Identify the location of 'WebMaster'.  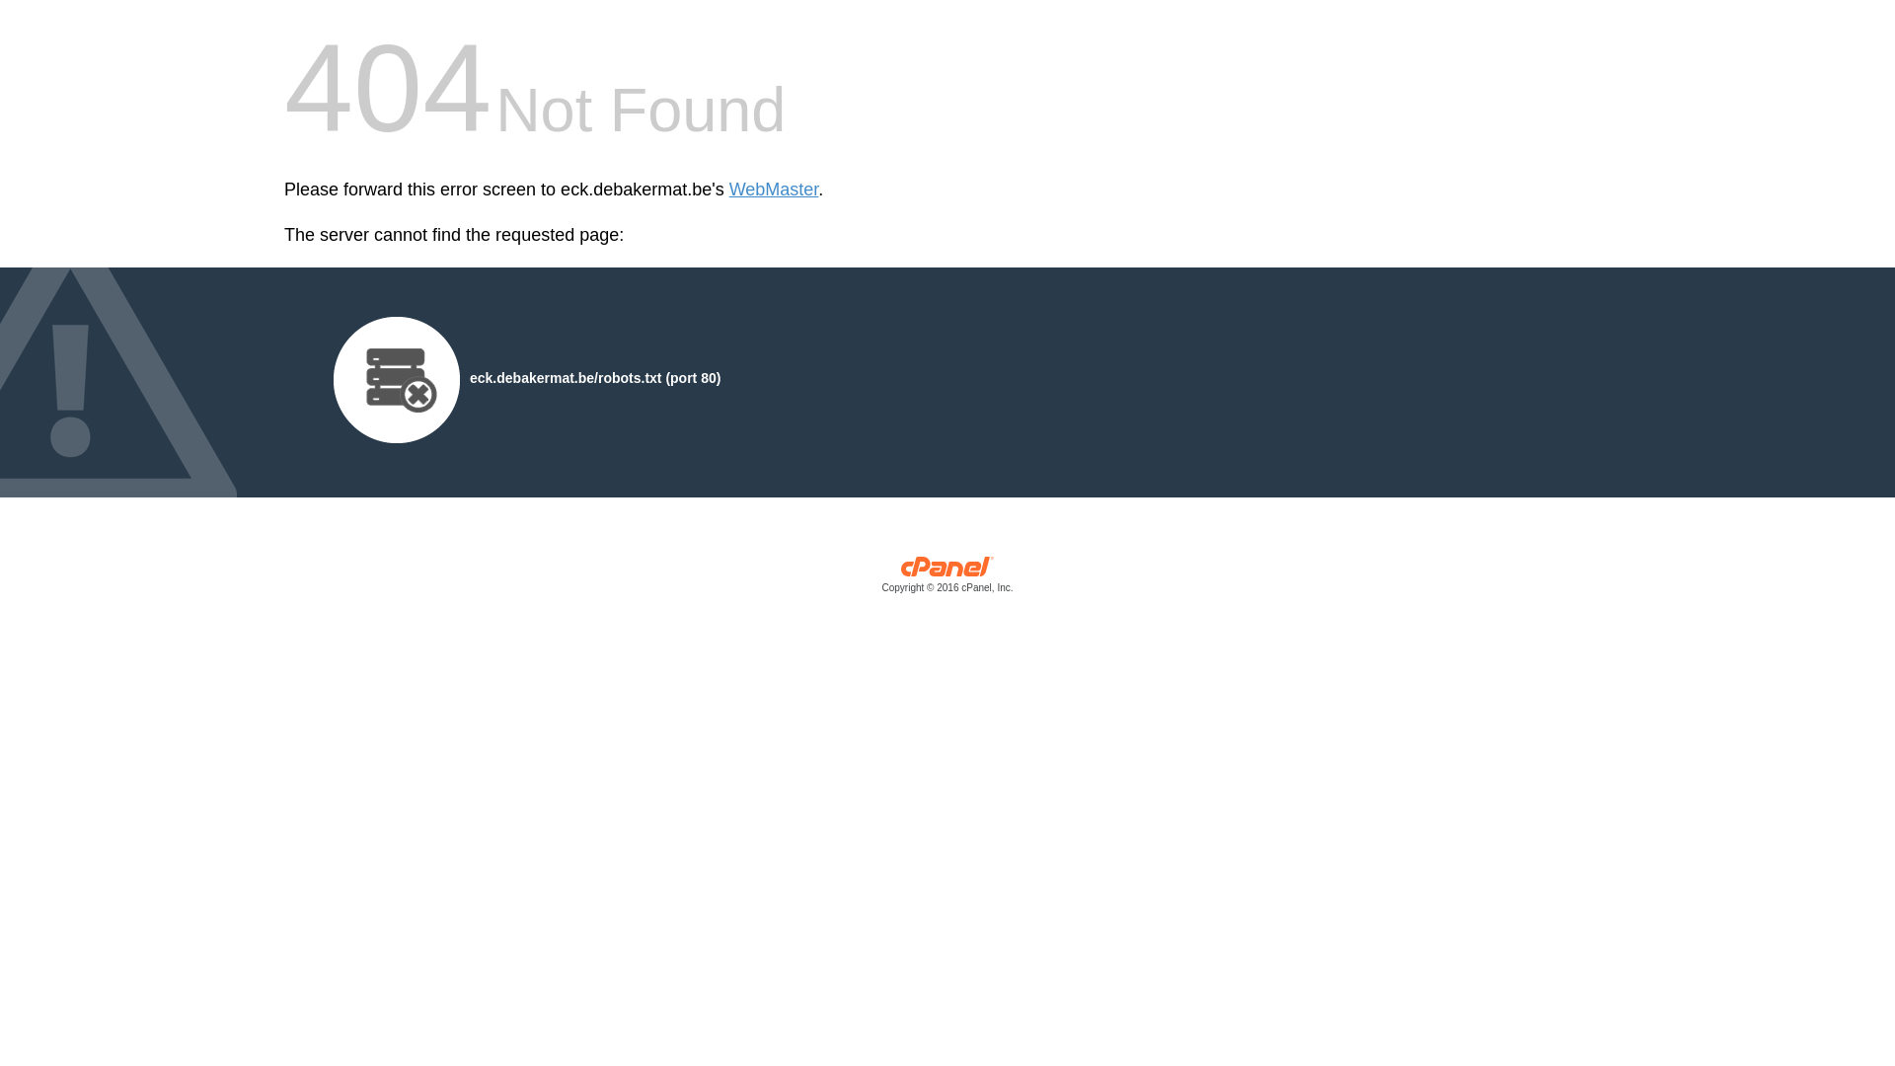
(773, 190).